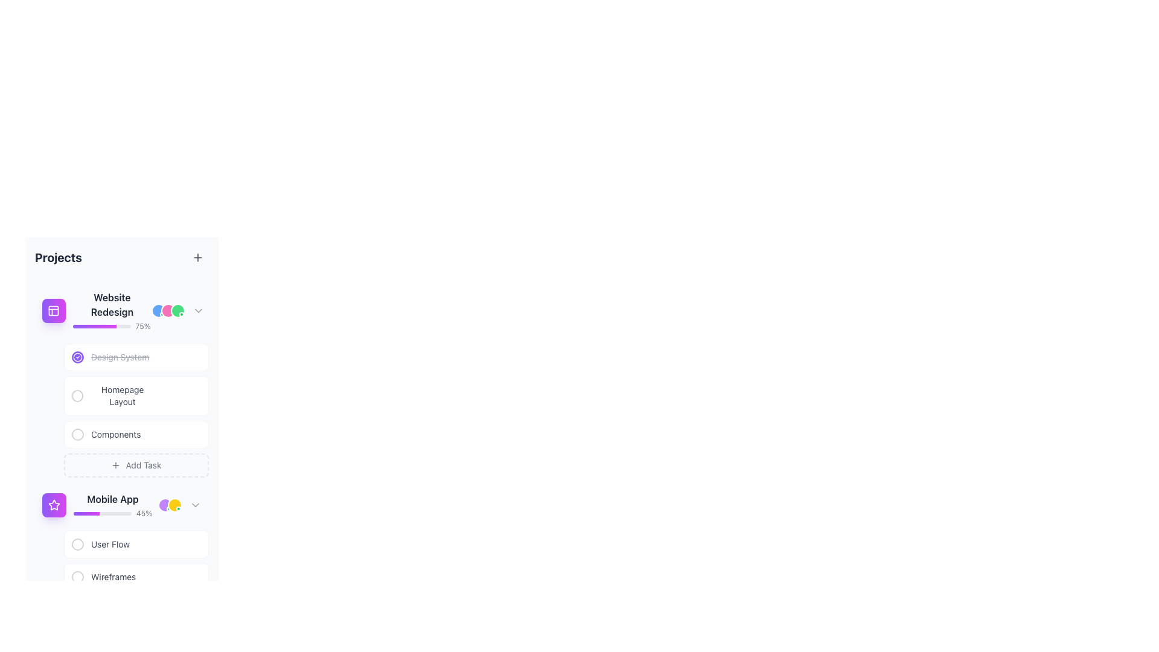 The height and width of the screenshot is (652, 1159). I want to click on the text label that indicates metadata or a deadline, located within the 'Components' section, above the 'Add Task' button and to the right of the green circular indicator, so click(176, 435).